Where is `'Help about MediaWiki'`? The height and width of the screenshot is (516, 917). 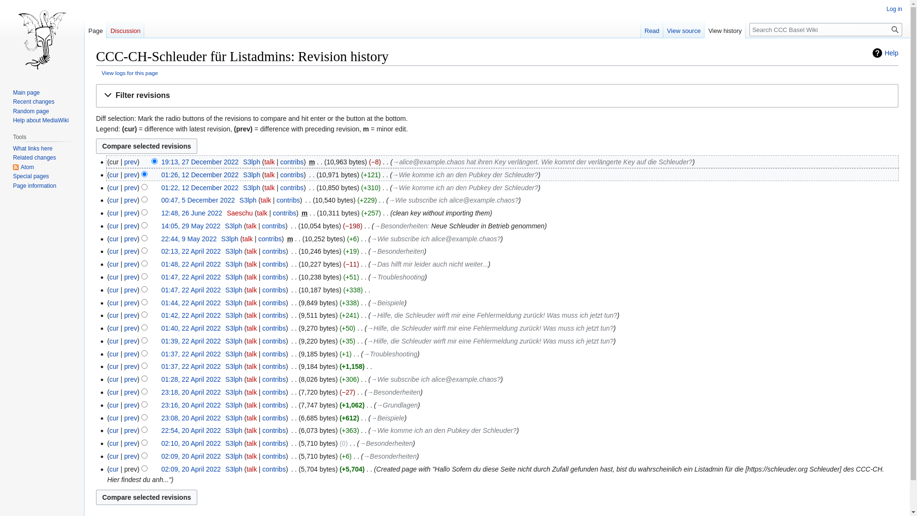 'Help about MediaWiki' is located at coordinates (40, 119).